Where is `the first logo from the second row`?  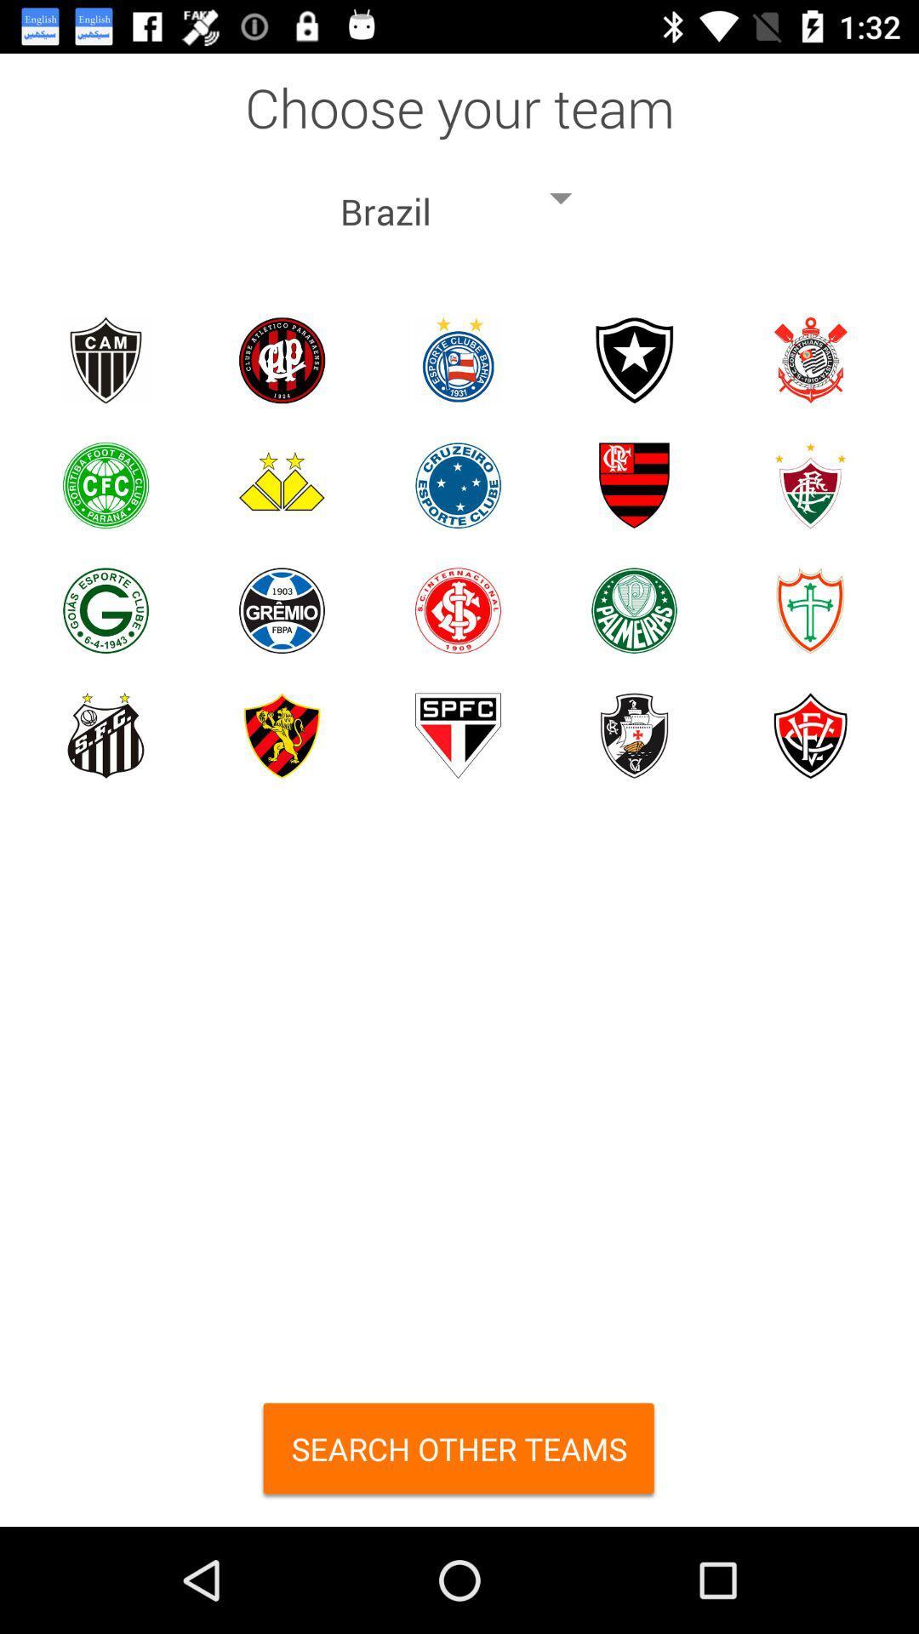 the first logo from the second row is located at coordinates (106, 484).